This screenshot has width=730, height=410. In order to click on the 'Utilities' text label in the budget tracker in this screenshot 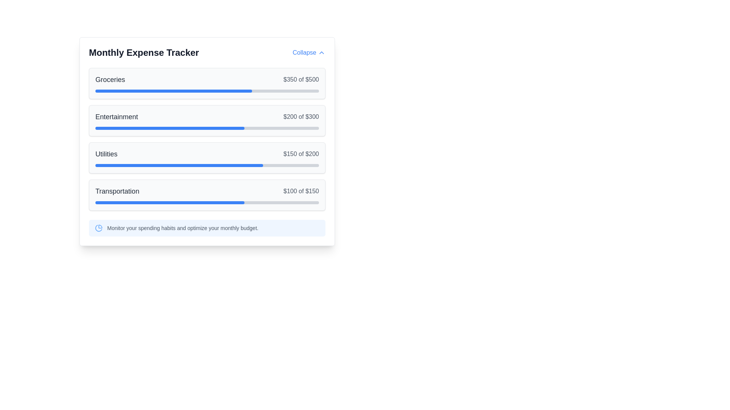, I will do `click(106, 154)`.